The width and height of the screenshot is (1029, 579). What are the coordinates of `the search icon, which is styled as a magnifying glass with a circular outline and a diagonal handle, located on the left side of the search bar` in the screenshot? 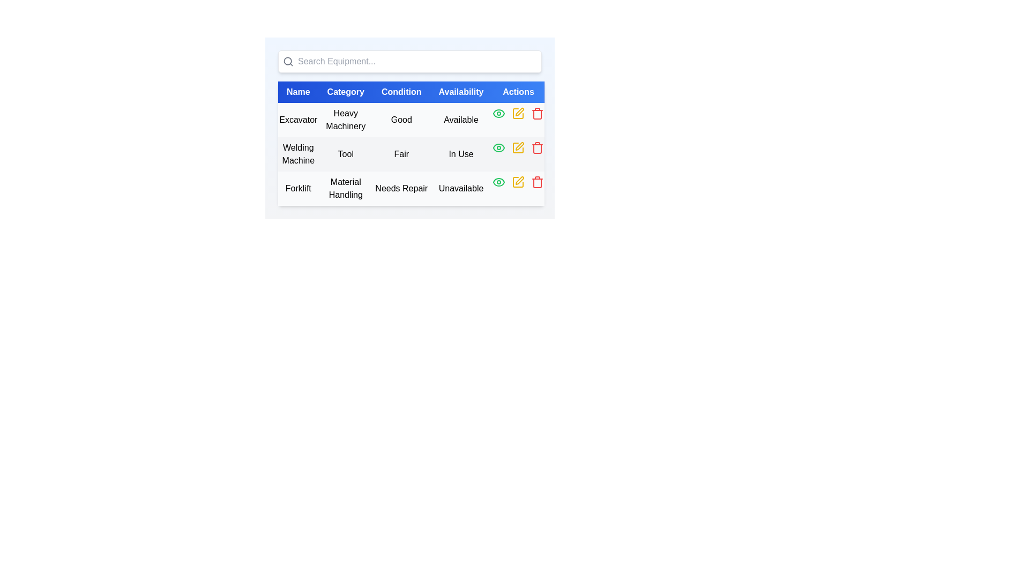 It's located at (288, 62).